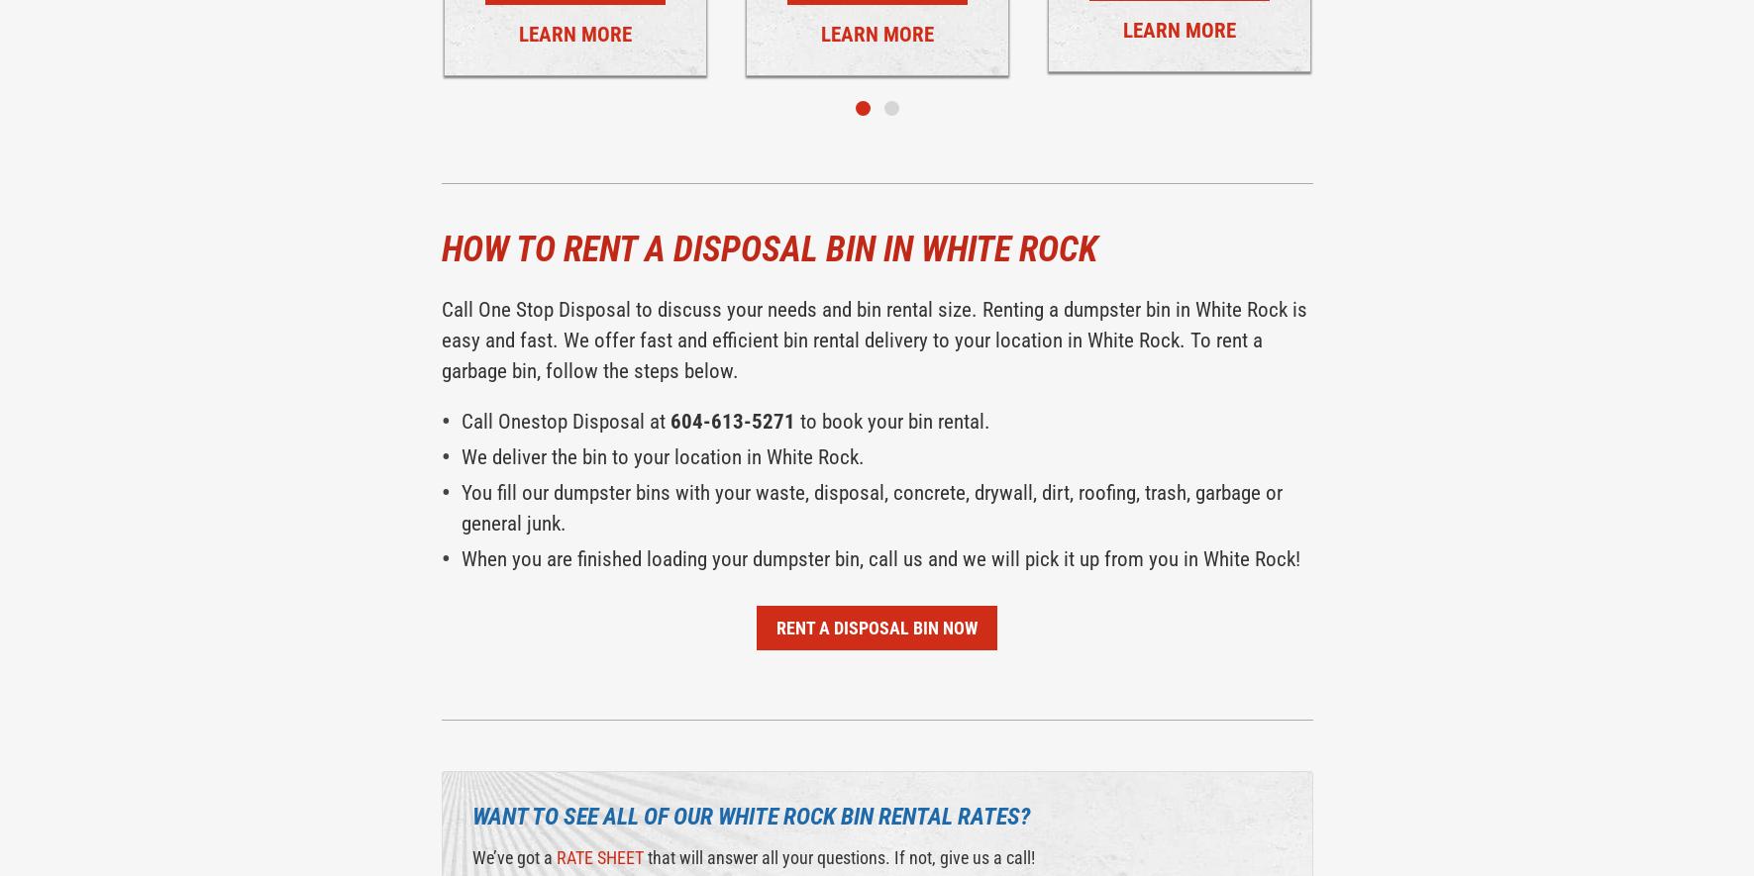 This screenshot has width=1754, height=876. Describe the element at coordinates (564, 422) in the screenshot. I see `'Call Onestop Disposal at'` at that location.